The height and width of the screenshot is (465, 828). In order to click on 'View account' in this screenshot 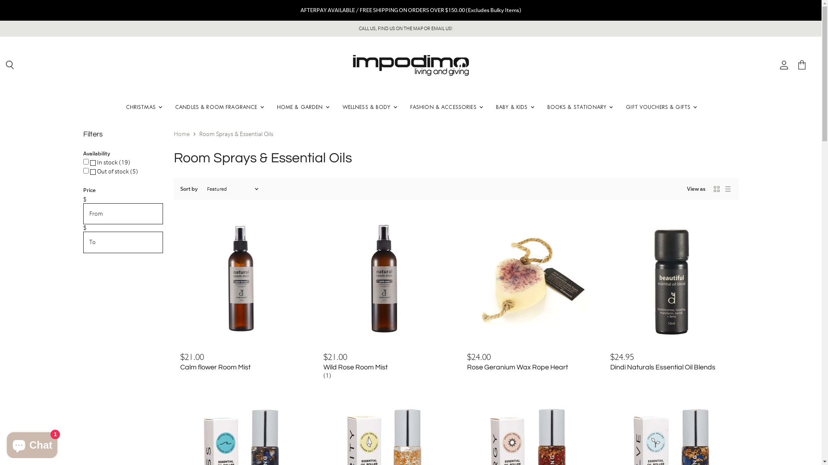, I will do `click(784, 65)`.